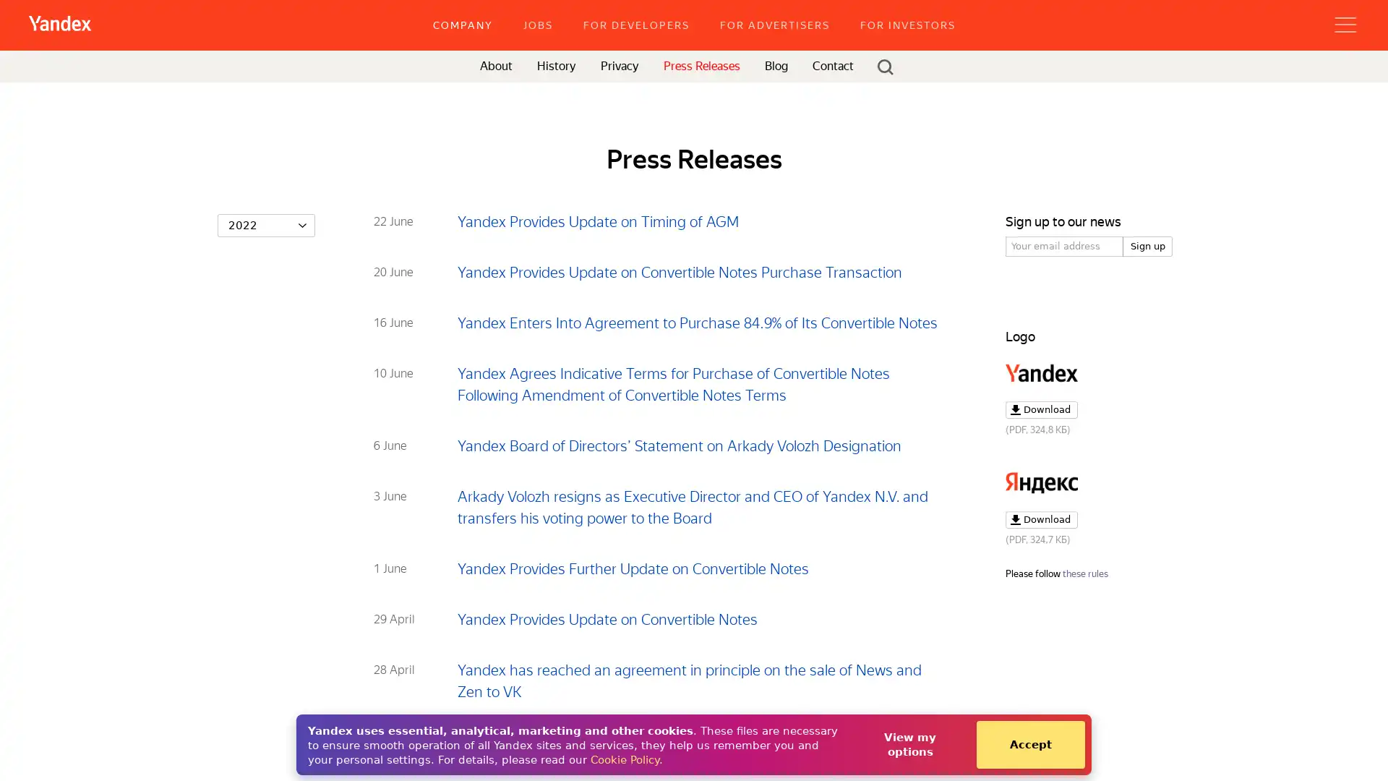  What do you see at coordinates (1029, 744) in the screenshot?
I see `Accept` at bounding box center [1029, 744].